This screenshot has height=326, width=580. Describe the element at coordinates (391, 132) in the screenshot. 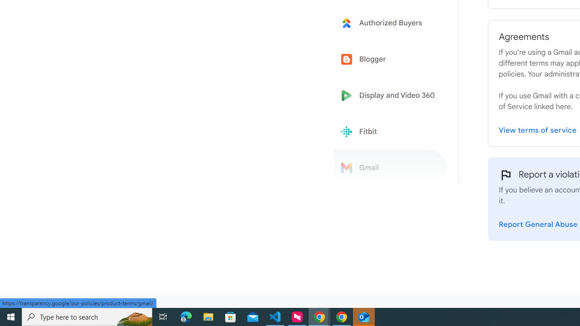

I see `'Fitbit'` at that location.